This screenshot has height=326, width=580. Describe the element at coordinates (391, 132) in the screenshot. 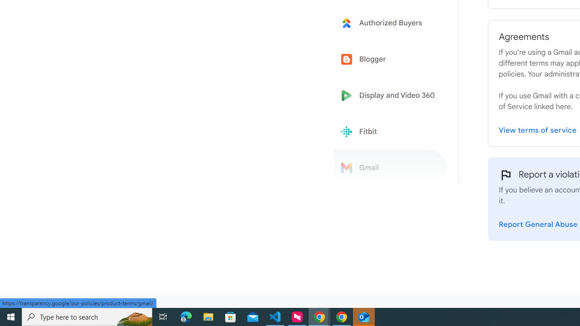

I see `'Fitbit'` at that location.